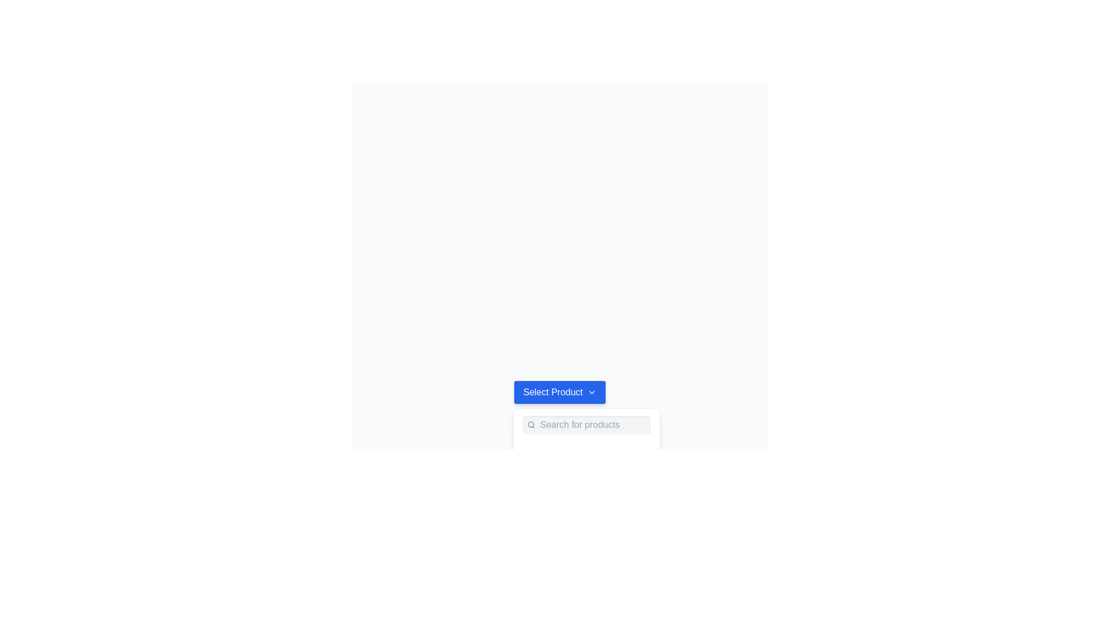  I want to click on the search input field located below the 'Select Product' button to focus on it for typing queries, so click(587, 425).